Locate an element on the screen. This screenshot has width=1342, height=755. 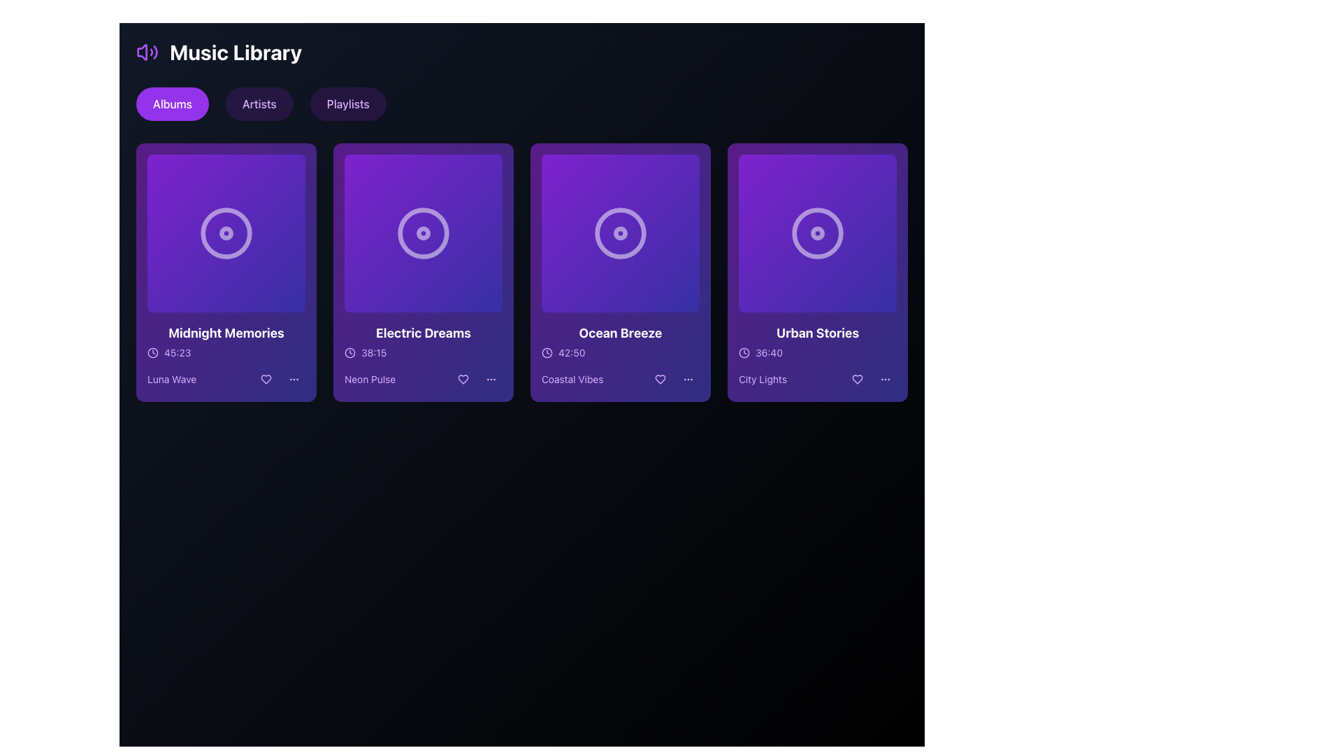
the non-interactive label displaying the title 'Midnight Memories', which is the first title in a row of music album cards located on the leftmost side is located at coordinates (226, 333).